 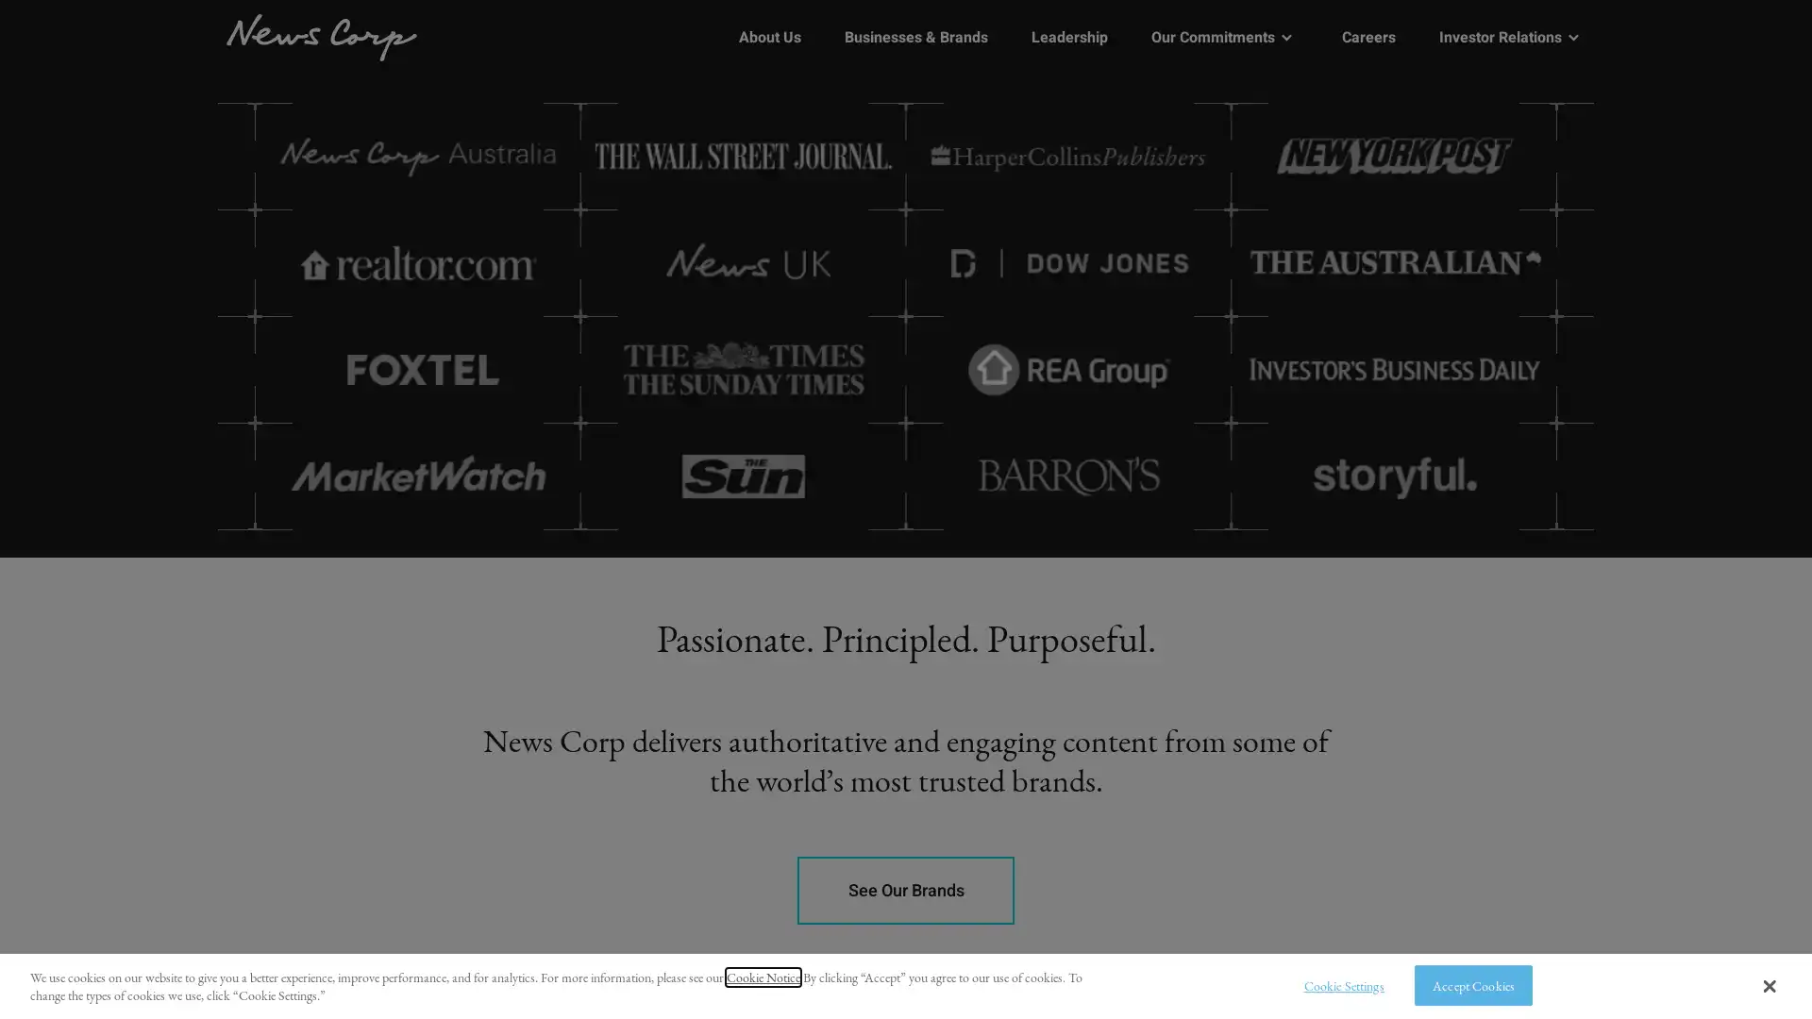 What do you see at coordinates (1768, 985) in the screenshot?
I see `Close Banner Button` at bounding box center [1768, 985].